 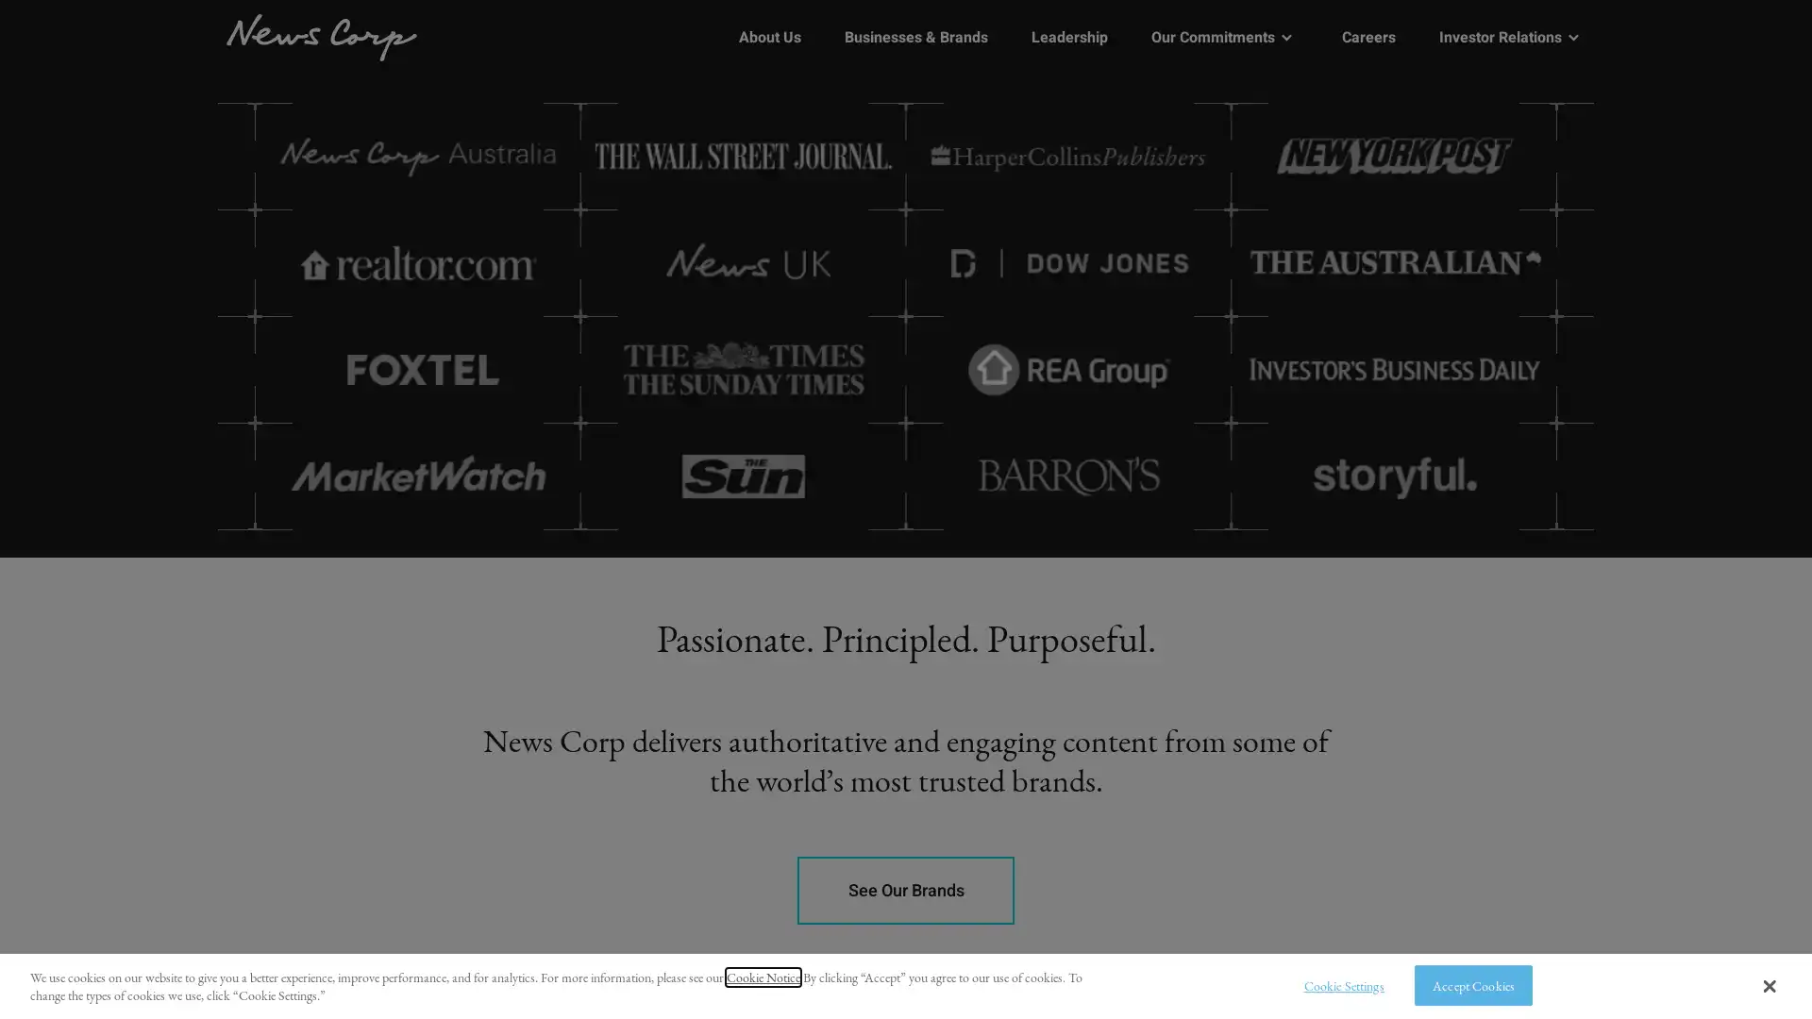 What do you see at coordinates (1768, 985) in the screenshot?
I see `Close Banner Button` at bounding box center [1768, 985].